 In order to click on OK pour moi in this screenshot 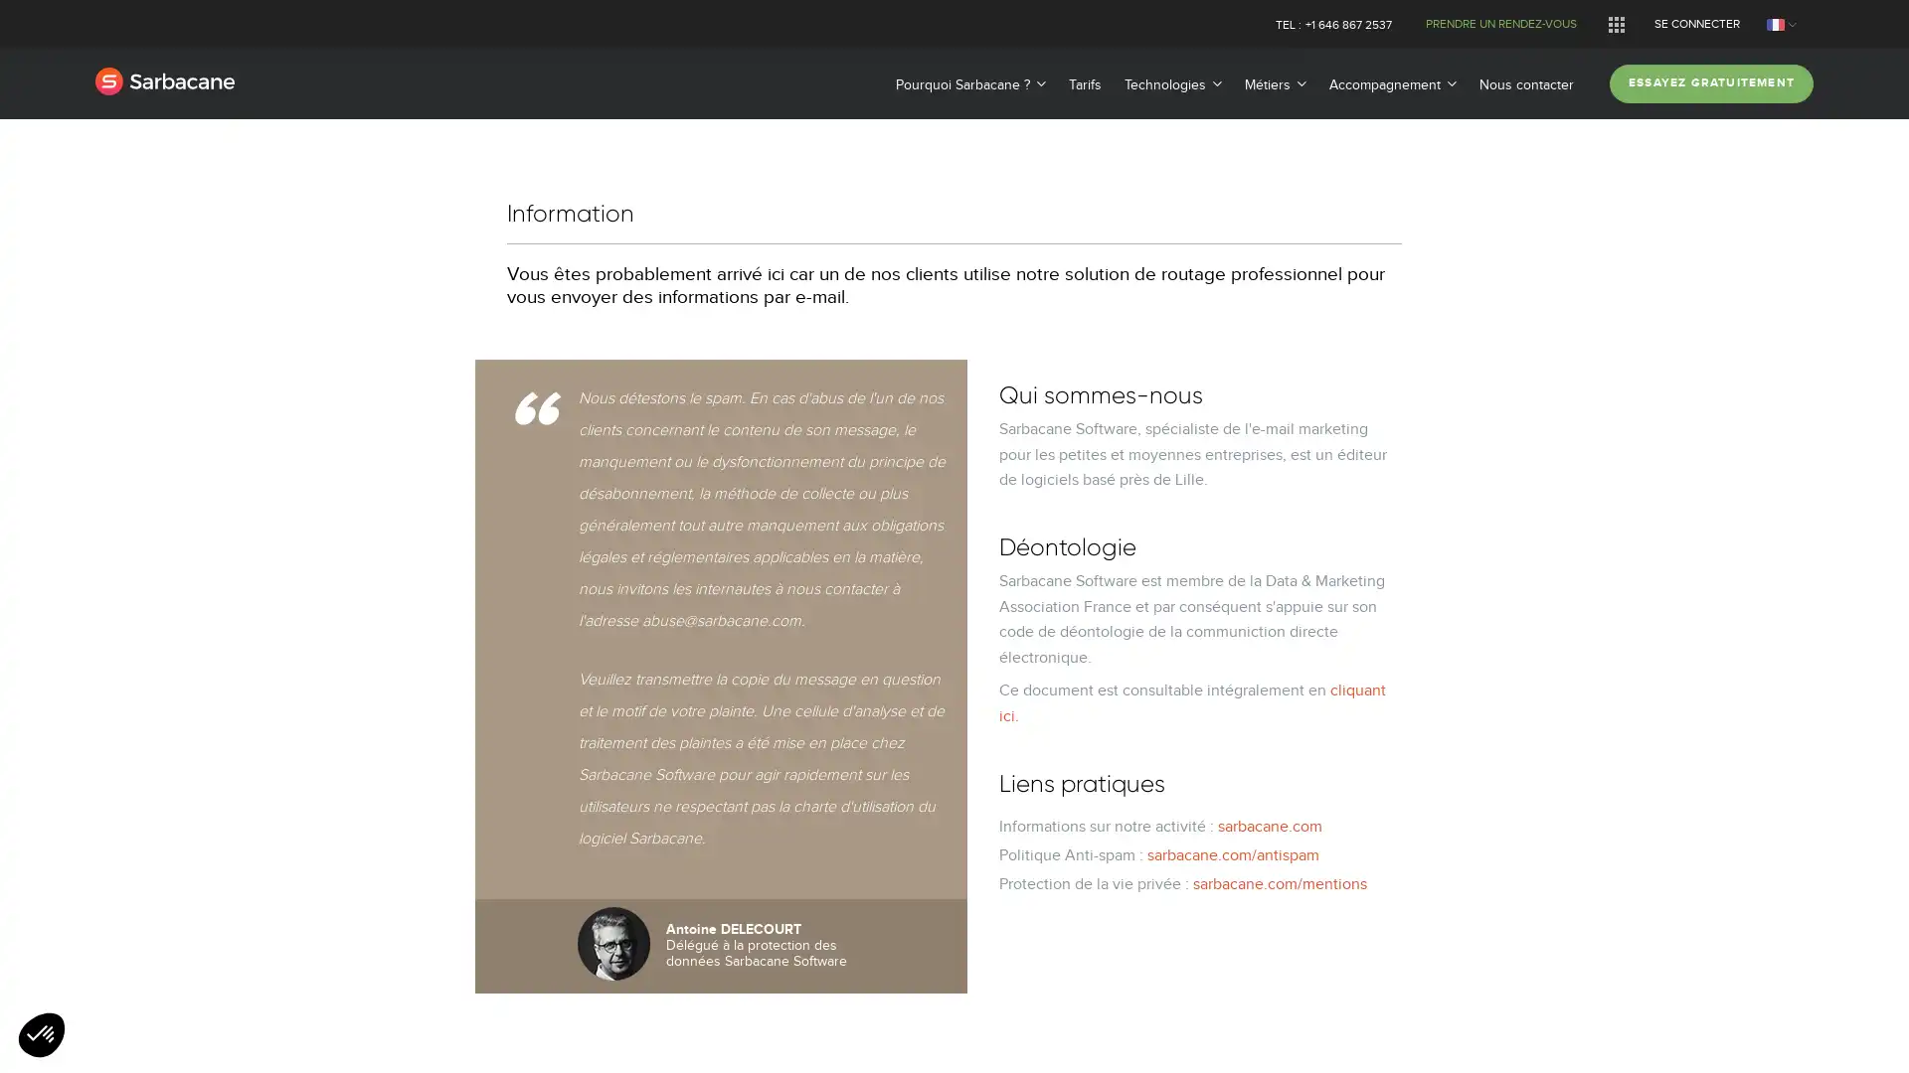, I will do `click(1112, 672)`.